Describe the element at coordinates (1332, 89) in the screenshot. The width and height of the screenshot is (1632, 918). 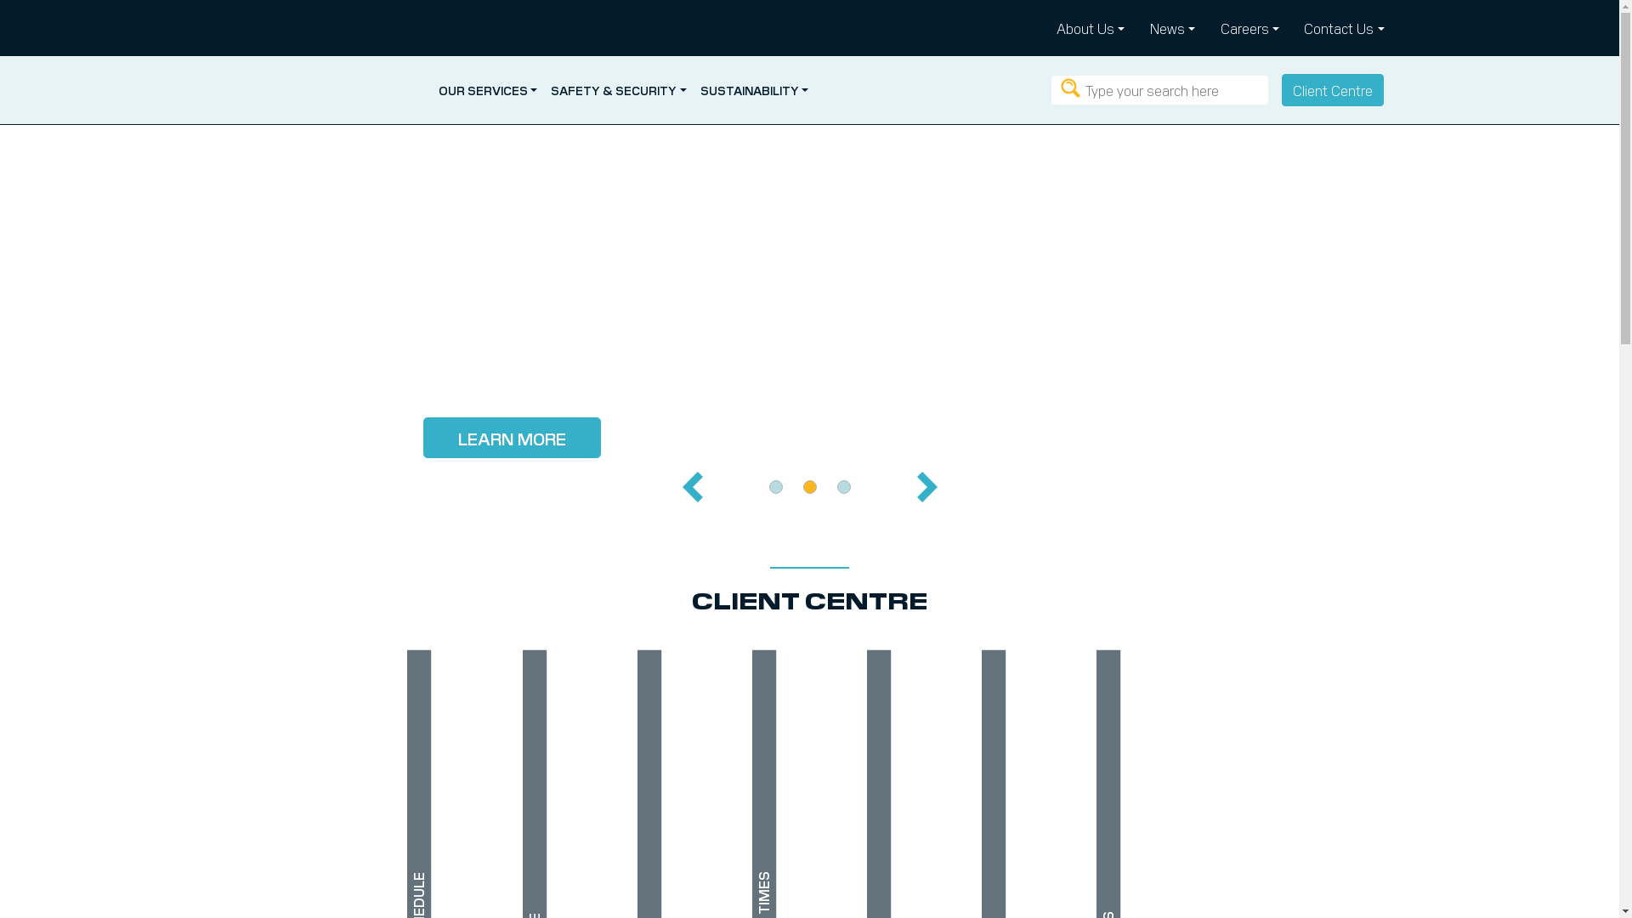
I see `'Client Centre'` at that location.